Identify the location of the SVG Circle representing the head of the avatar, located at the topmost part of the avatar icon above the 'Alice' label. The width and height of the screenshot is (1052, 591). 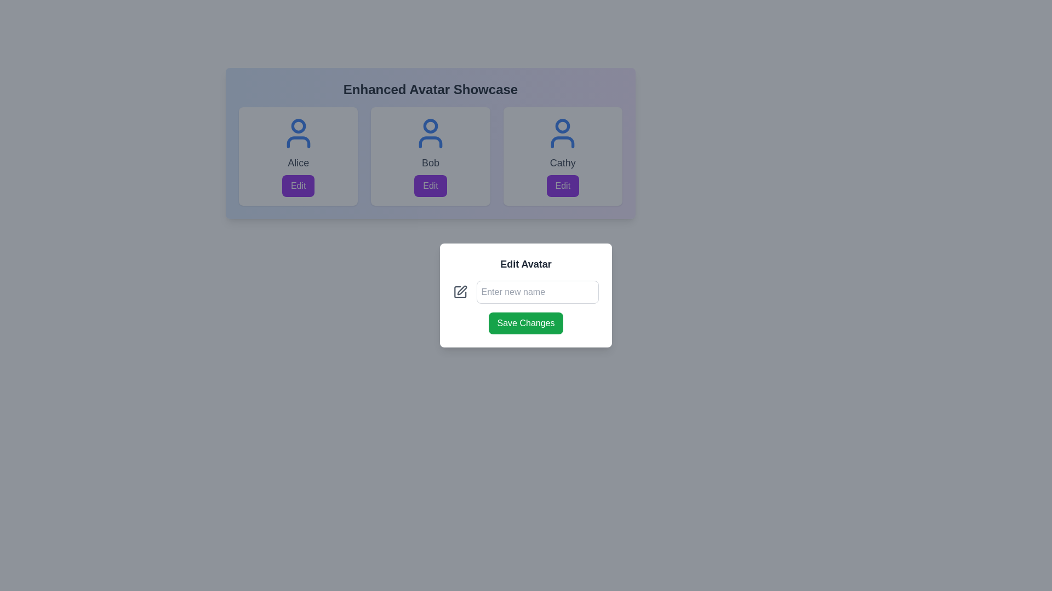
(298, 125).